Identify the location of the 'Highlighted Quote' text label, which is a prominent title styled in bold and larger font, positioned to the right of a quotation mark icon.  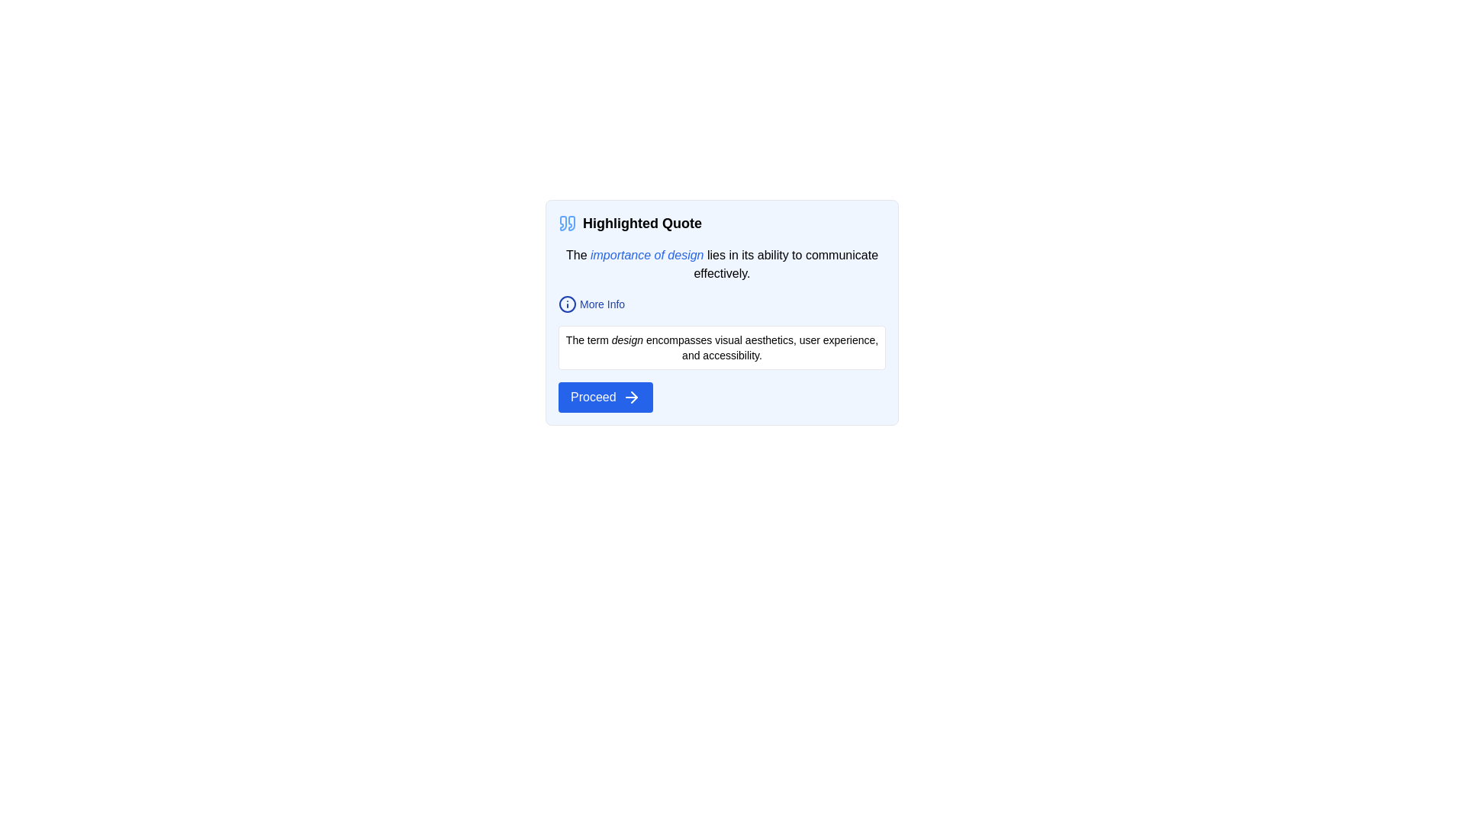
(642, 224).